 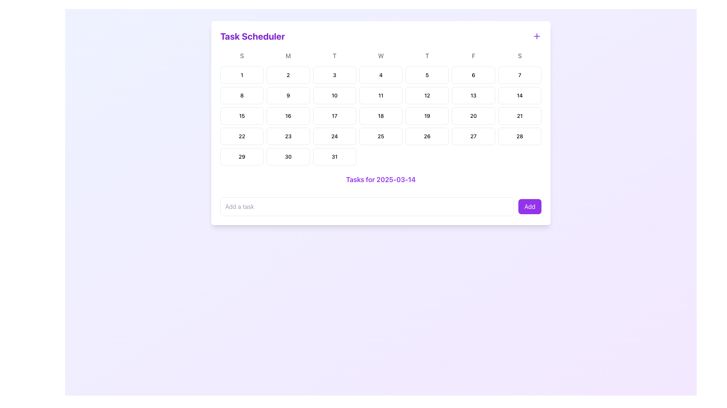 What do you see at coordinates (381, 179) in the screenshot?
I see `the text header indicating the selected date (2025-03-14) located beneath the calendar widget and above the input field with the 'Add' button` at bounding box center [381, 179].